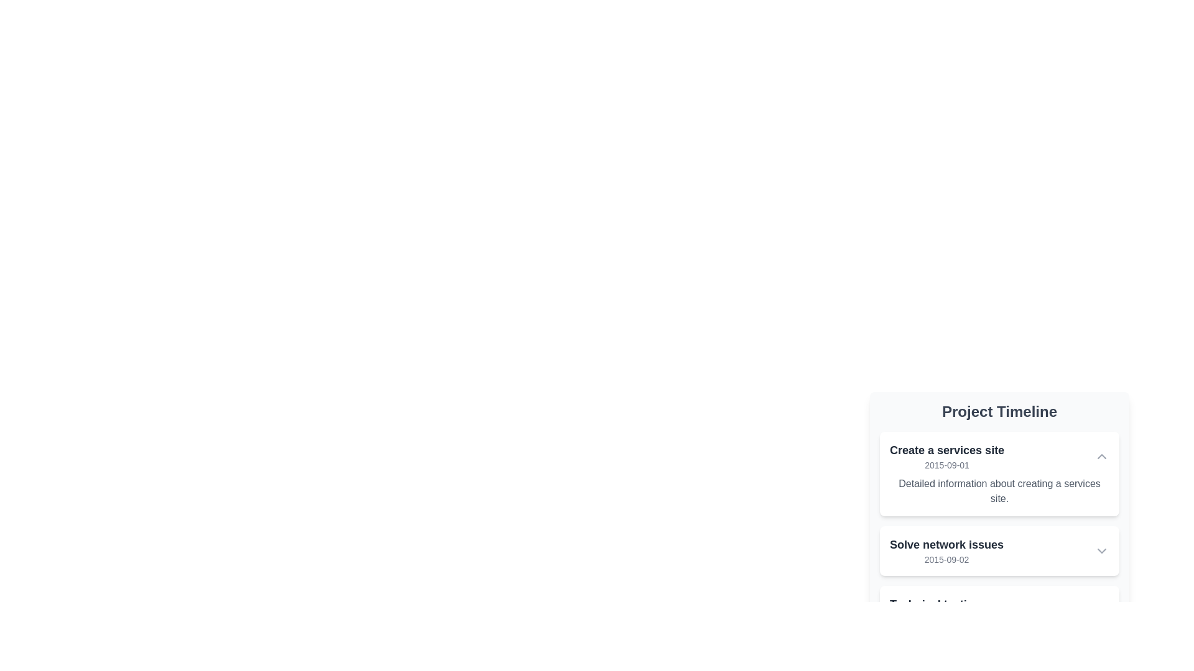 The height and width of the screenshot is (671, 1194). What do you see at coordinates (999, 550) in the screenshot?
I see `the text block titled 'Solve network issues' with the due date '2015-09-02' to emphasize it, located in the second card of the Project Timeline list` at bounding box center [999, 550].